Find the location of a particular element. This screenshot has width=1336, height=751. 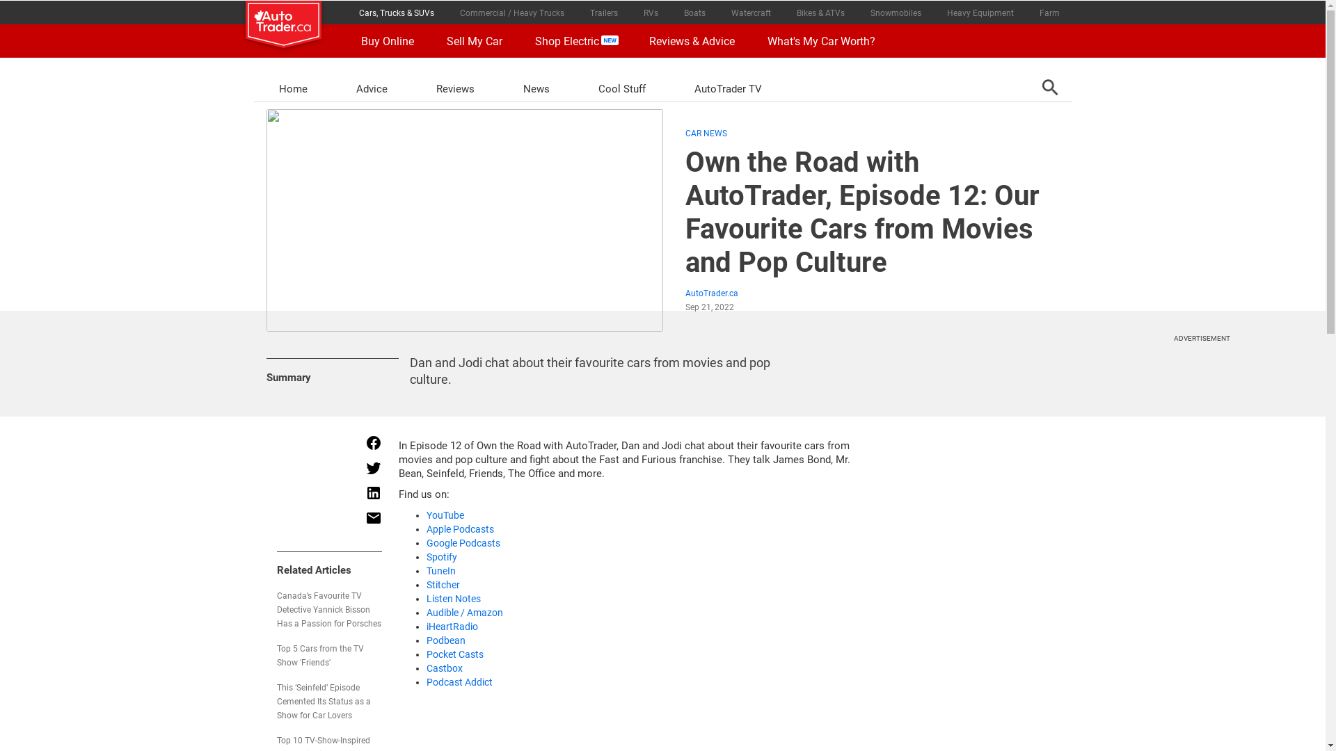

'Listen Notes' is located at coordinates (453, 597).